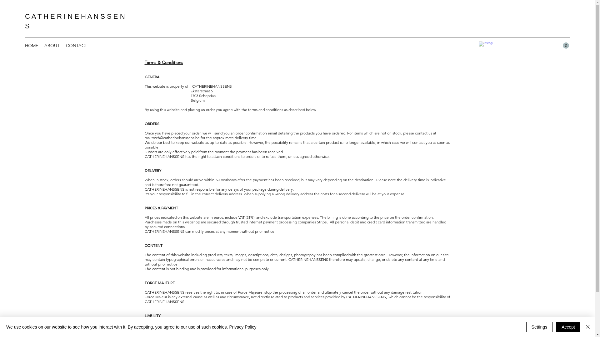  What do you see at coordinates (568, 327) in the screenshot?
I see `'Accept'` at bounding box center [568, 327].